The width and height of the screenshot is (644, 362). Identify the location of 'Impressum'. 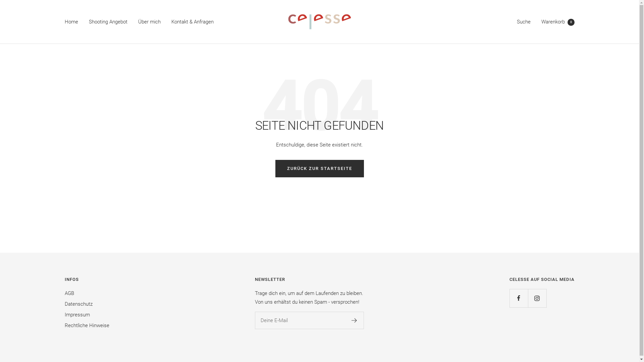
(77, 314).